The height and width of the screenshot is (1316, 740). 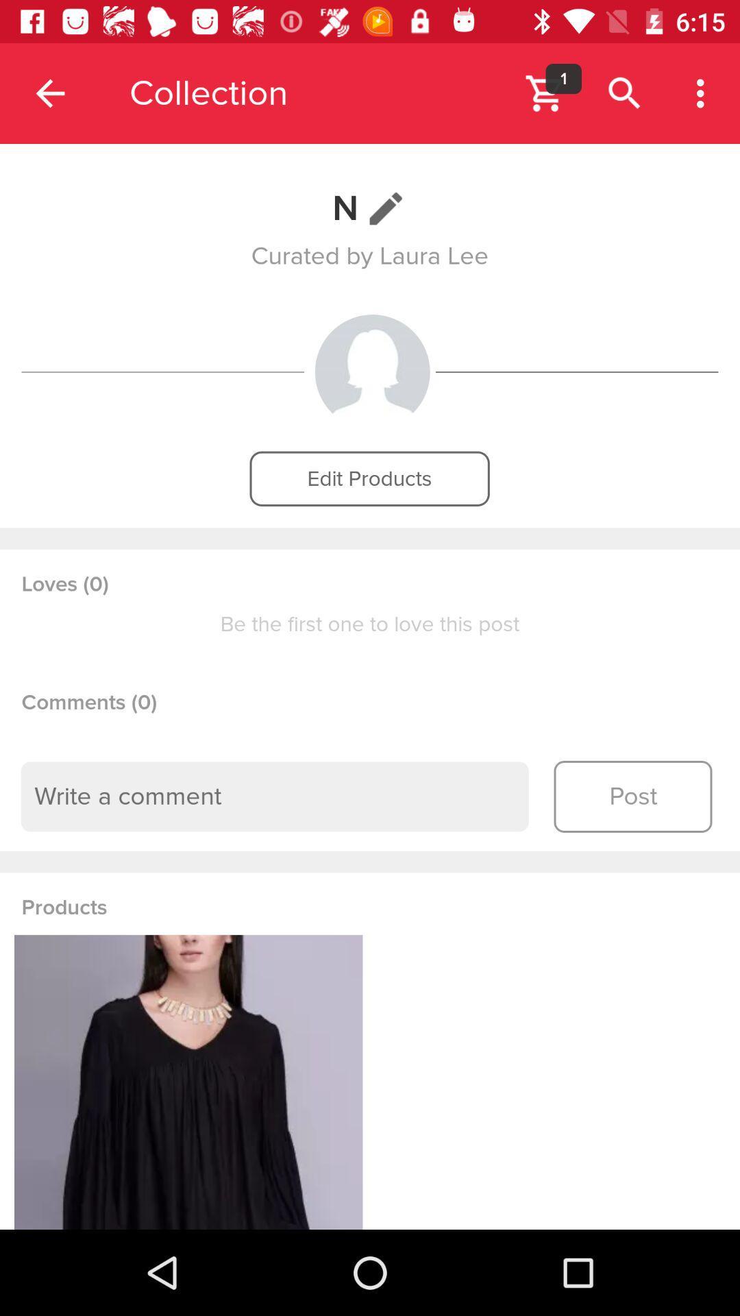 I want to click on 1 item, so click(x=563, y=78).